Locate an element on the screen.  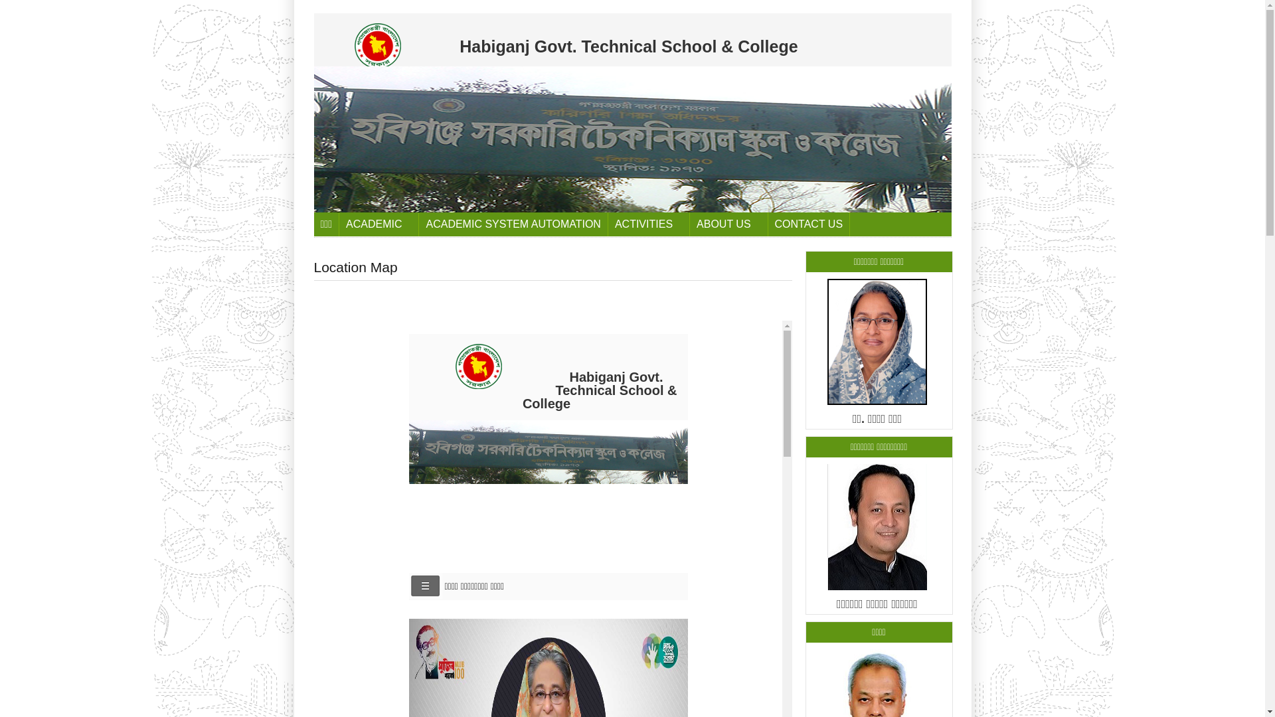
'CONTACT US' is located at coordinates (809, 224).